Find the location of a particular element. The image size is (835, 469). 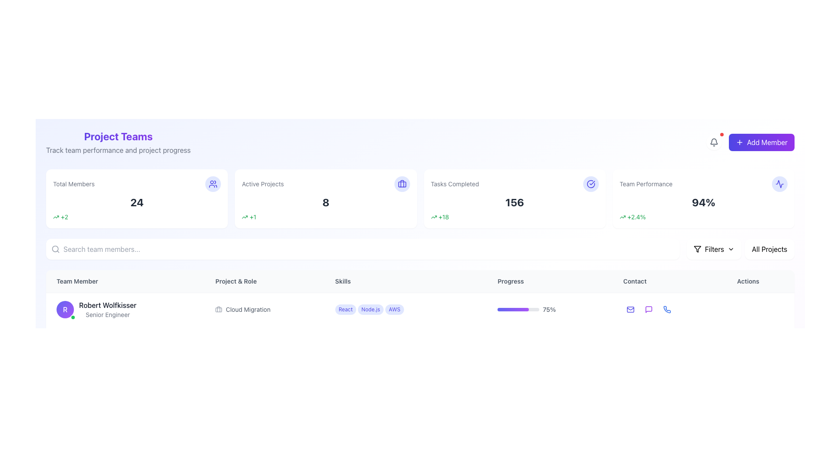

the static text label indicating the total number of members, located in the top-left section of the interface is located at coordinates (73, 184).